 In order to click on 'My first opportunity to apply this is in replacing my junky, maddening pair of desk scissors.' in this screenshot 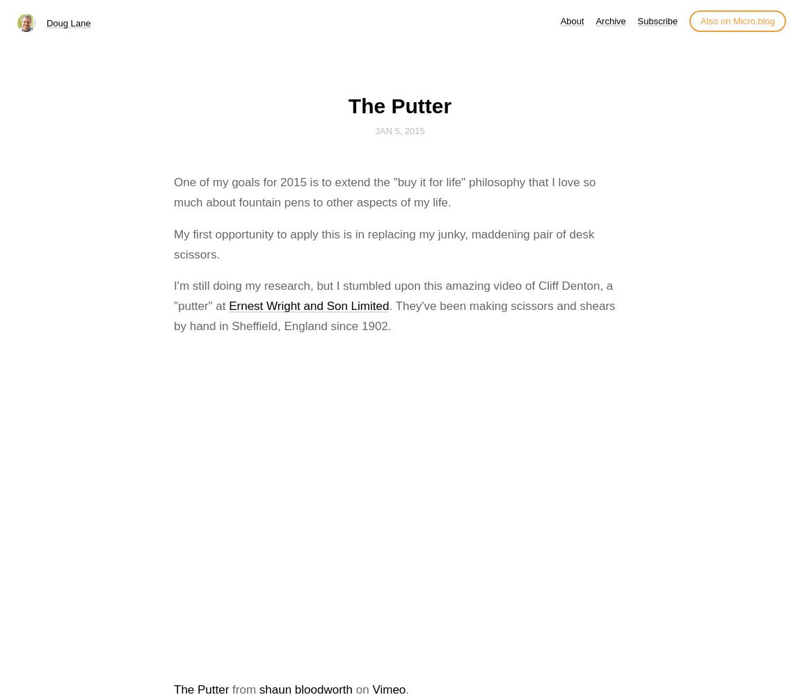, I will do `click(384, 243)`.